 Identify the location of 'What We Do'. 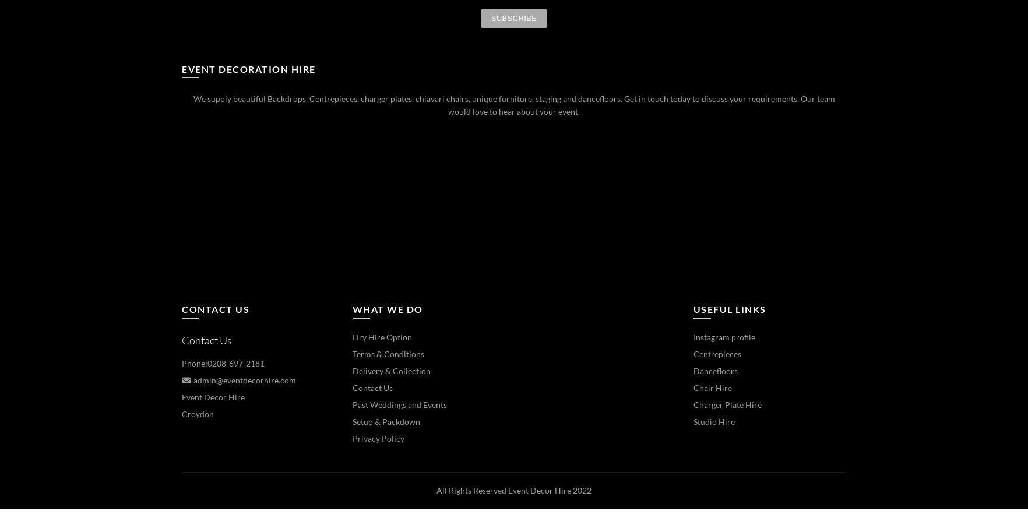
(387, 309).